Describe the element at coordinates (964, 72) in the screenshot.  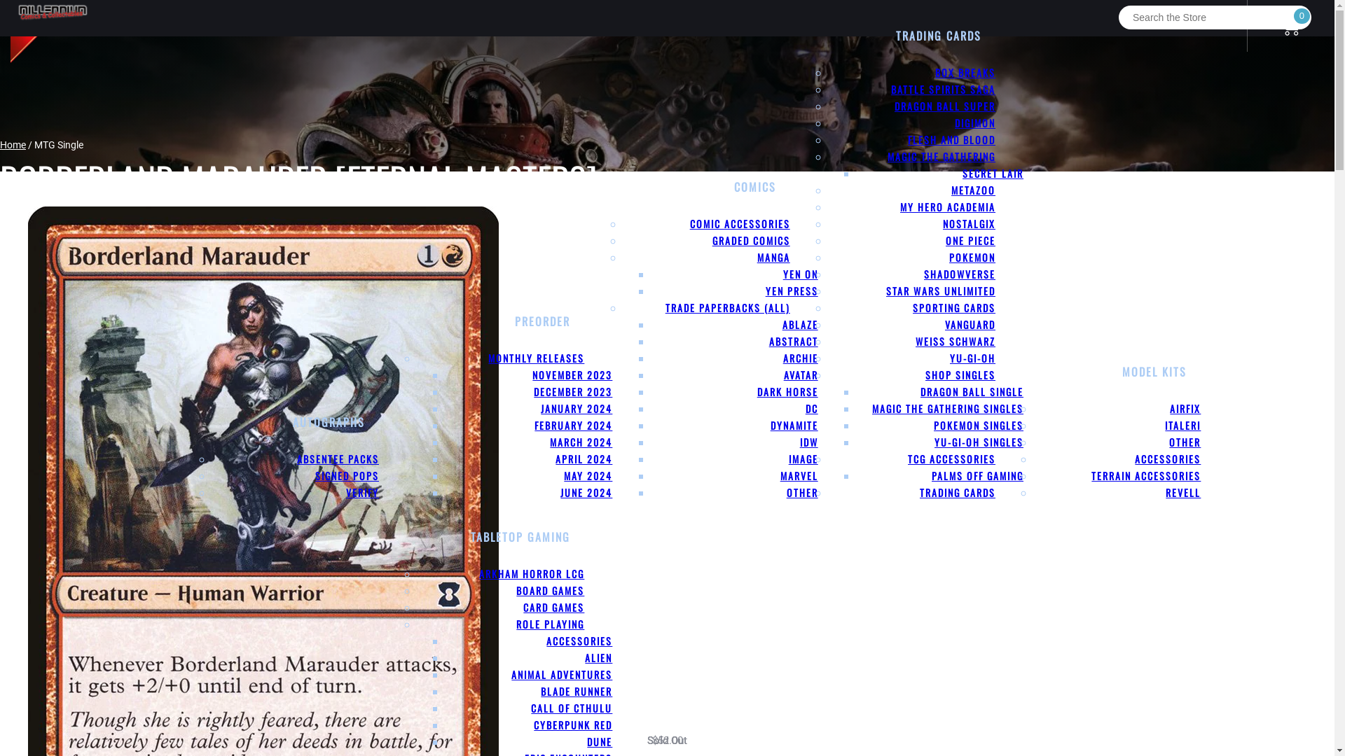
I see `'BOX BREAKS'` at that location.